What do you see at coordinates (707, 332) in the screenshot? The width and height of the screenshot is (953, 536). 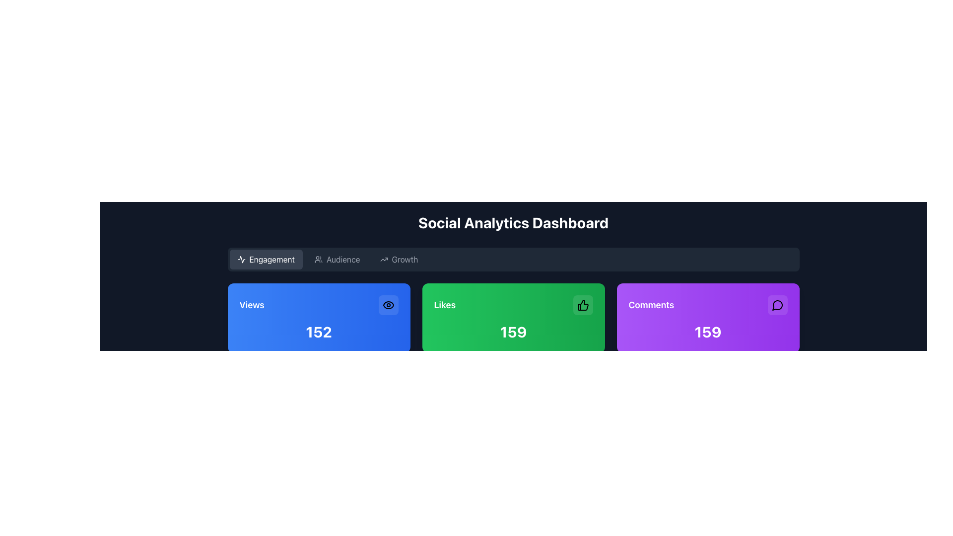 I see `the number '154' displayed in bold white text on a purple gradient background` at bounding box center [707, 332].